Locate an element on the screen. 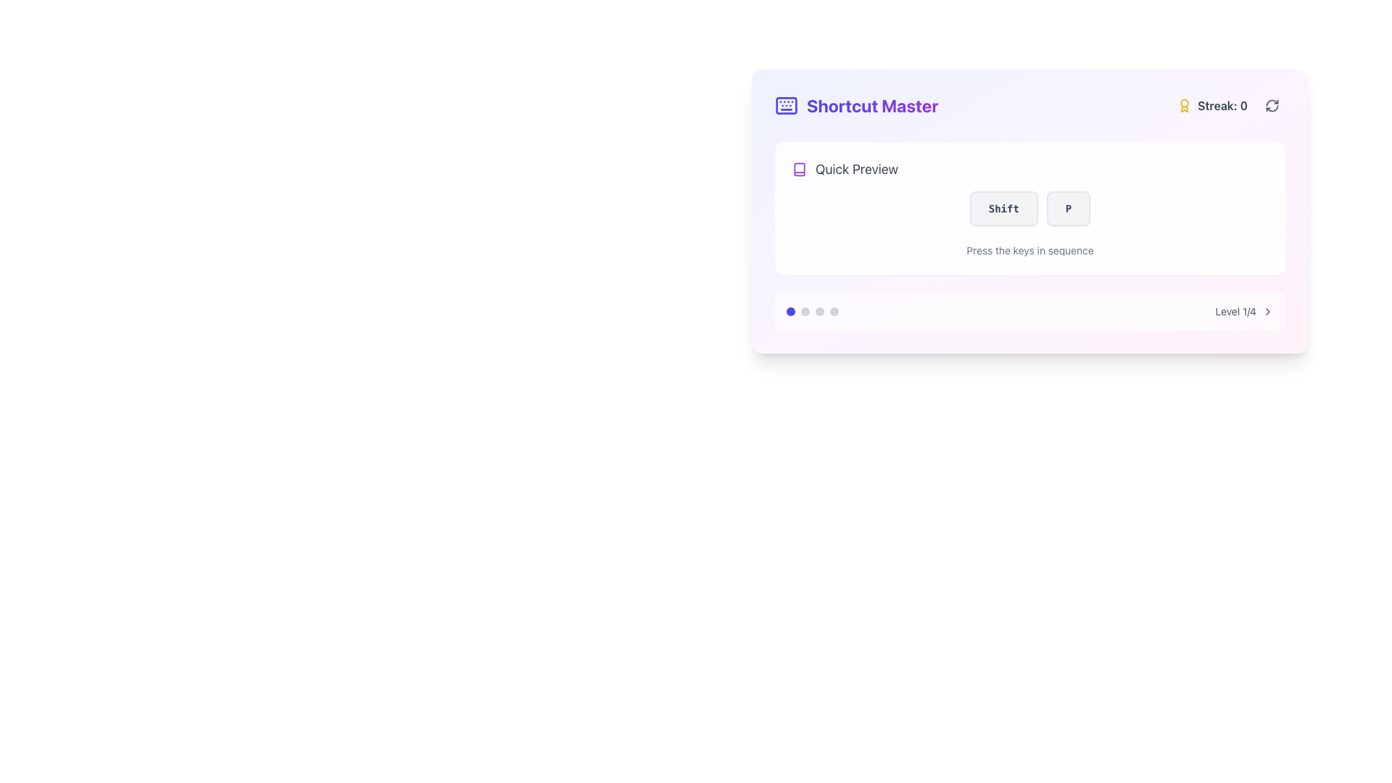 This screenshot has height=783, width=1392. the text label 'Press the keys in sequence' which is styled in a small gray font and located beneath the buttons labeled 'Shift' and 'P' is located at coordinates (1029, 250).